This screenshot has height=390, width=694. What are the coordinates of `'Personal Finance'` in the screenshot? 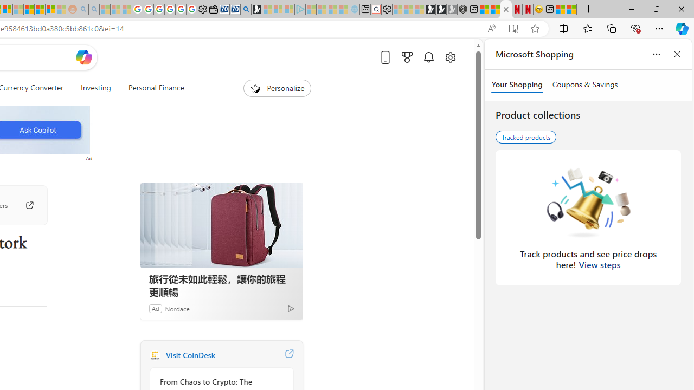 It's located at (151, 88).